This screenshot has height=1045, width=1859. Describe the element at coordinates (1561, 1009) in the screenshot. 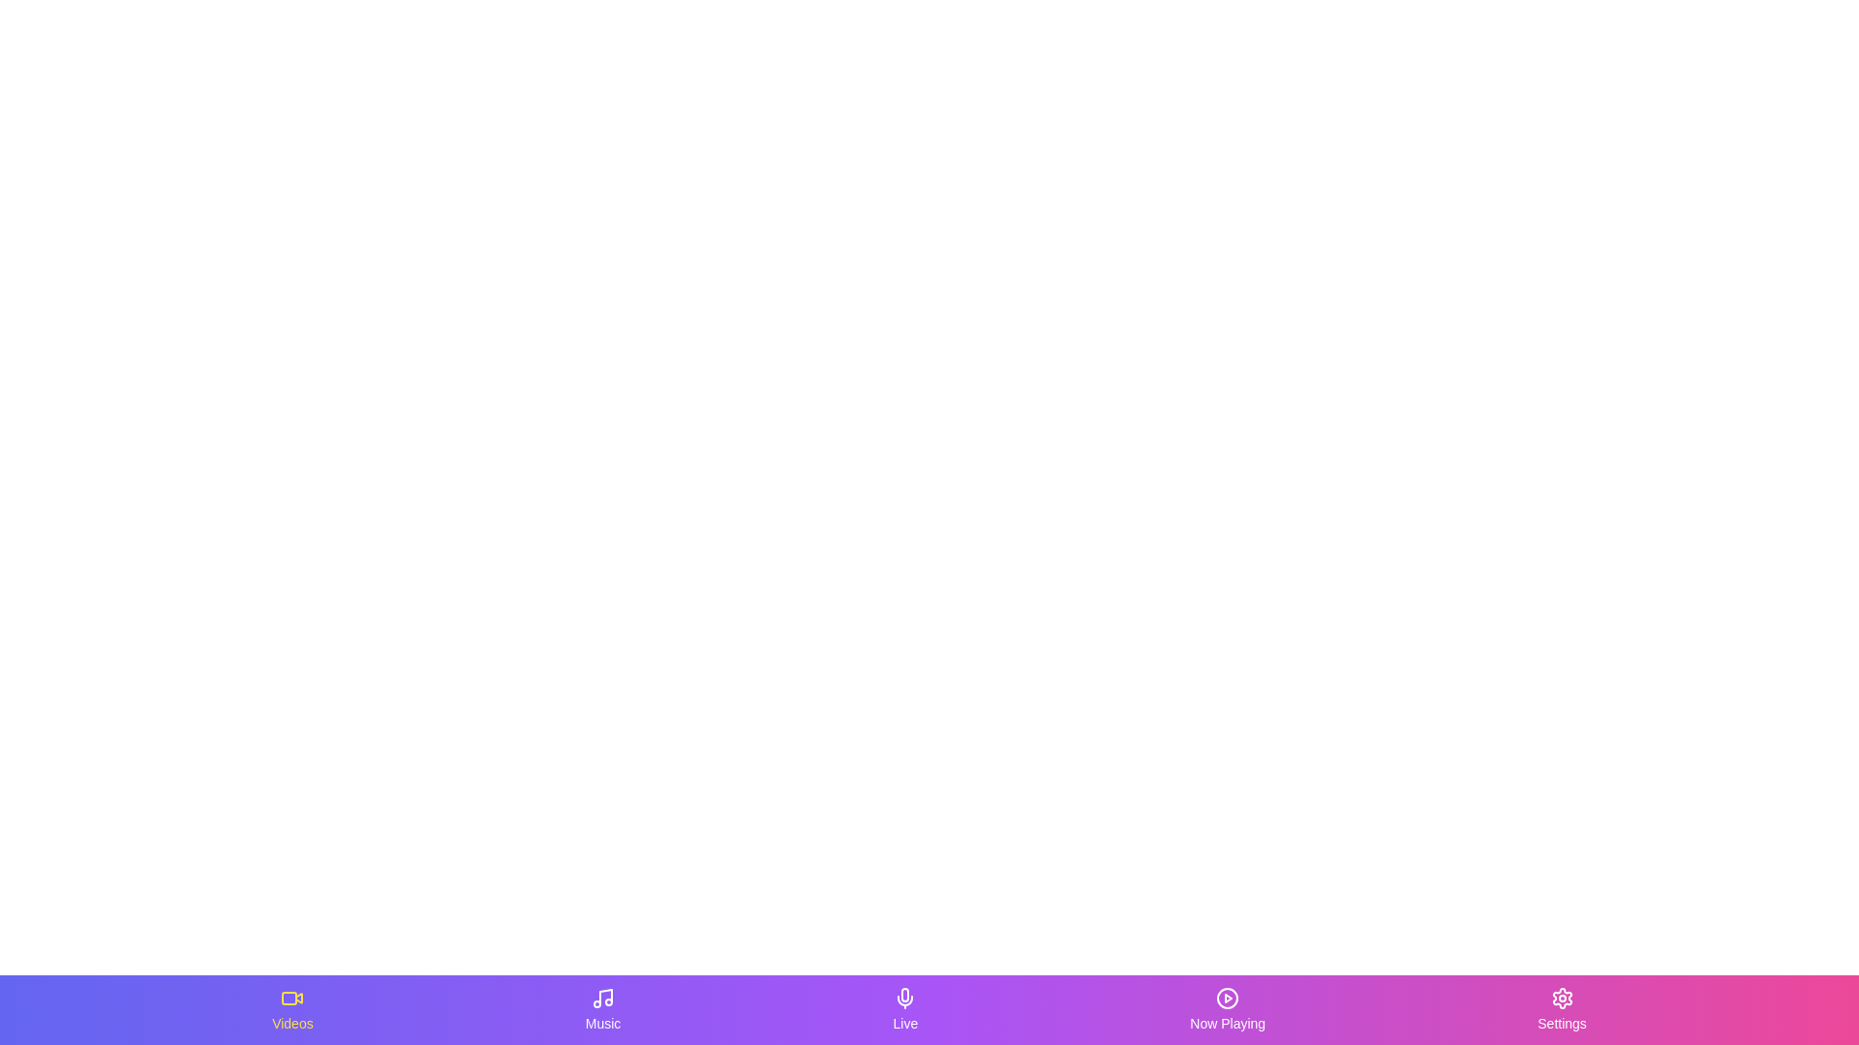

I see `the Settings tab in the bottom navigation bar` at that location.